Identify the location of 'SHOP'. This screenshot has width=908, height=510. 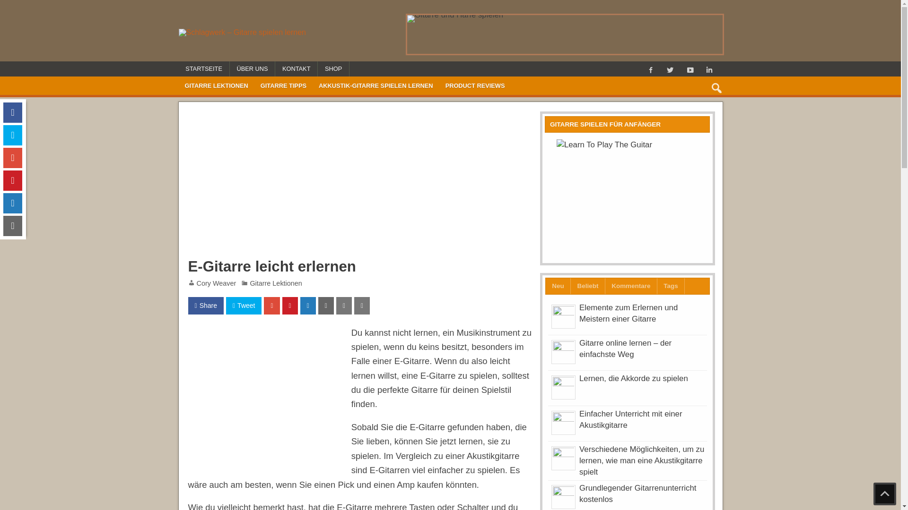
(333, 68).